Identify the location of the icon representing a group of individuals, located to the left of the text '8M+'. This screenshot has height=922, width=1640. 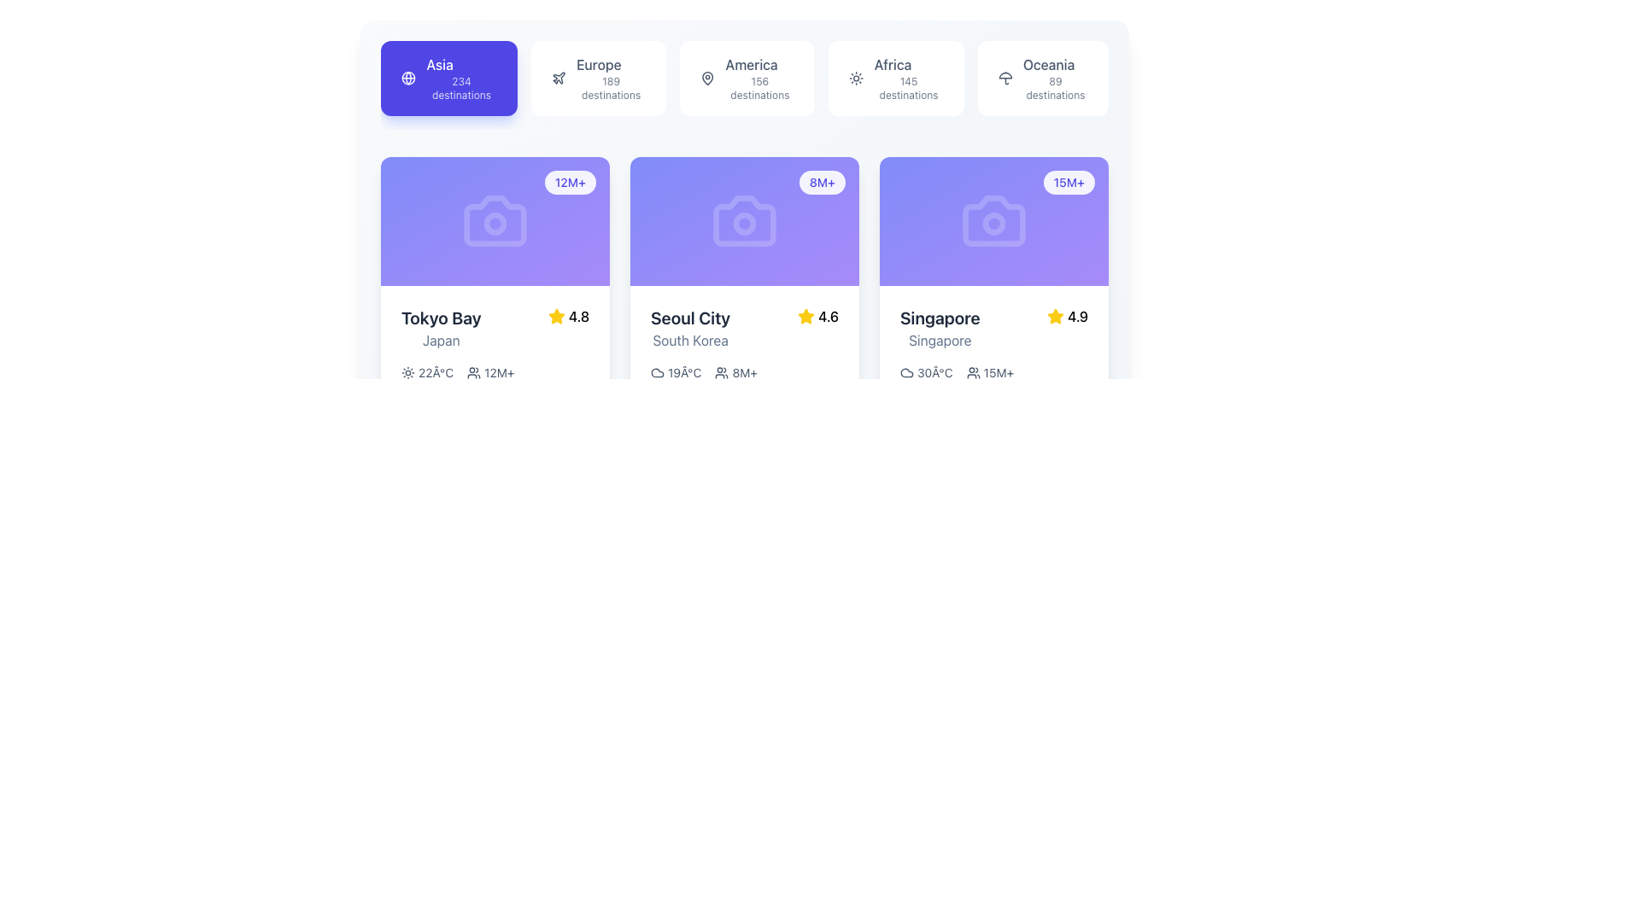
(722, 371).